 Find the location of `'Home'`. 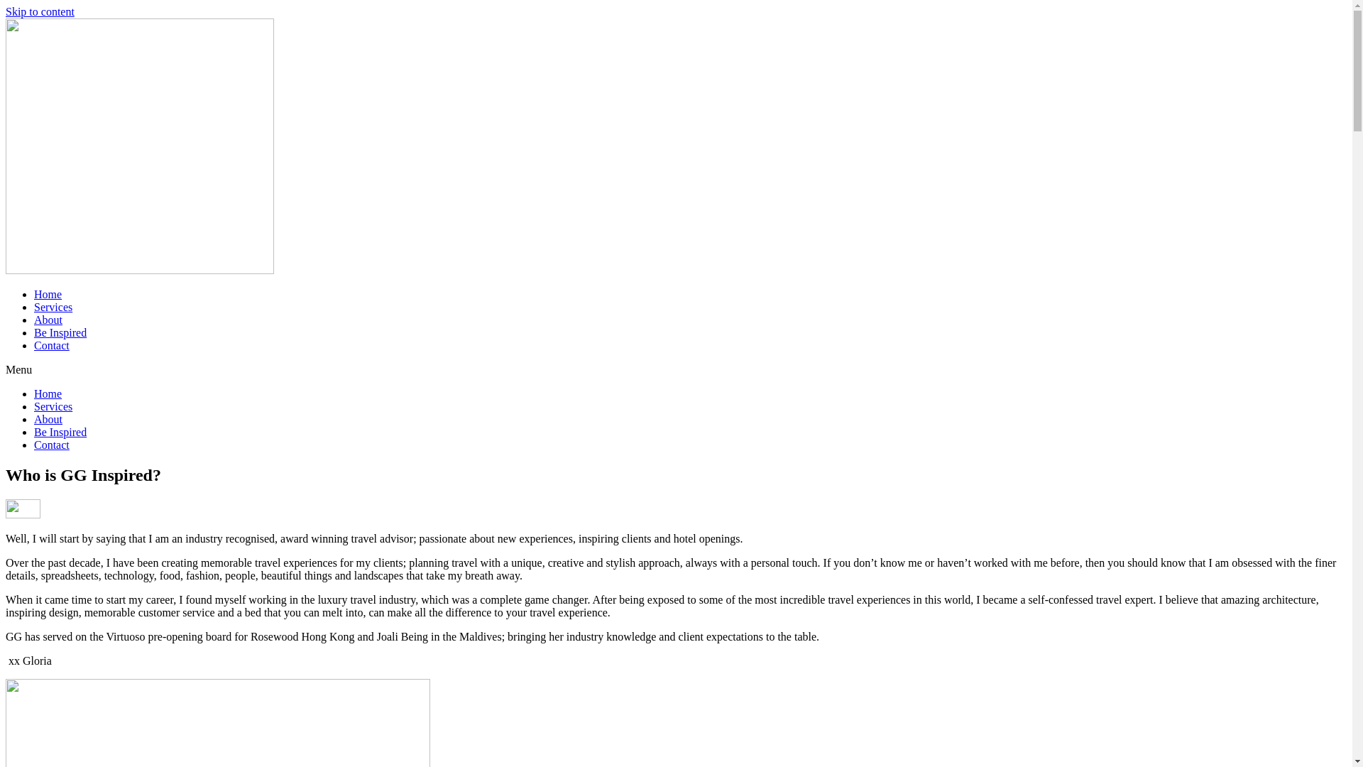

'Home' is located at coordinates (48, 293).